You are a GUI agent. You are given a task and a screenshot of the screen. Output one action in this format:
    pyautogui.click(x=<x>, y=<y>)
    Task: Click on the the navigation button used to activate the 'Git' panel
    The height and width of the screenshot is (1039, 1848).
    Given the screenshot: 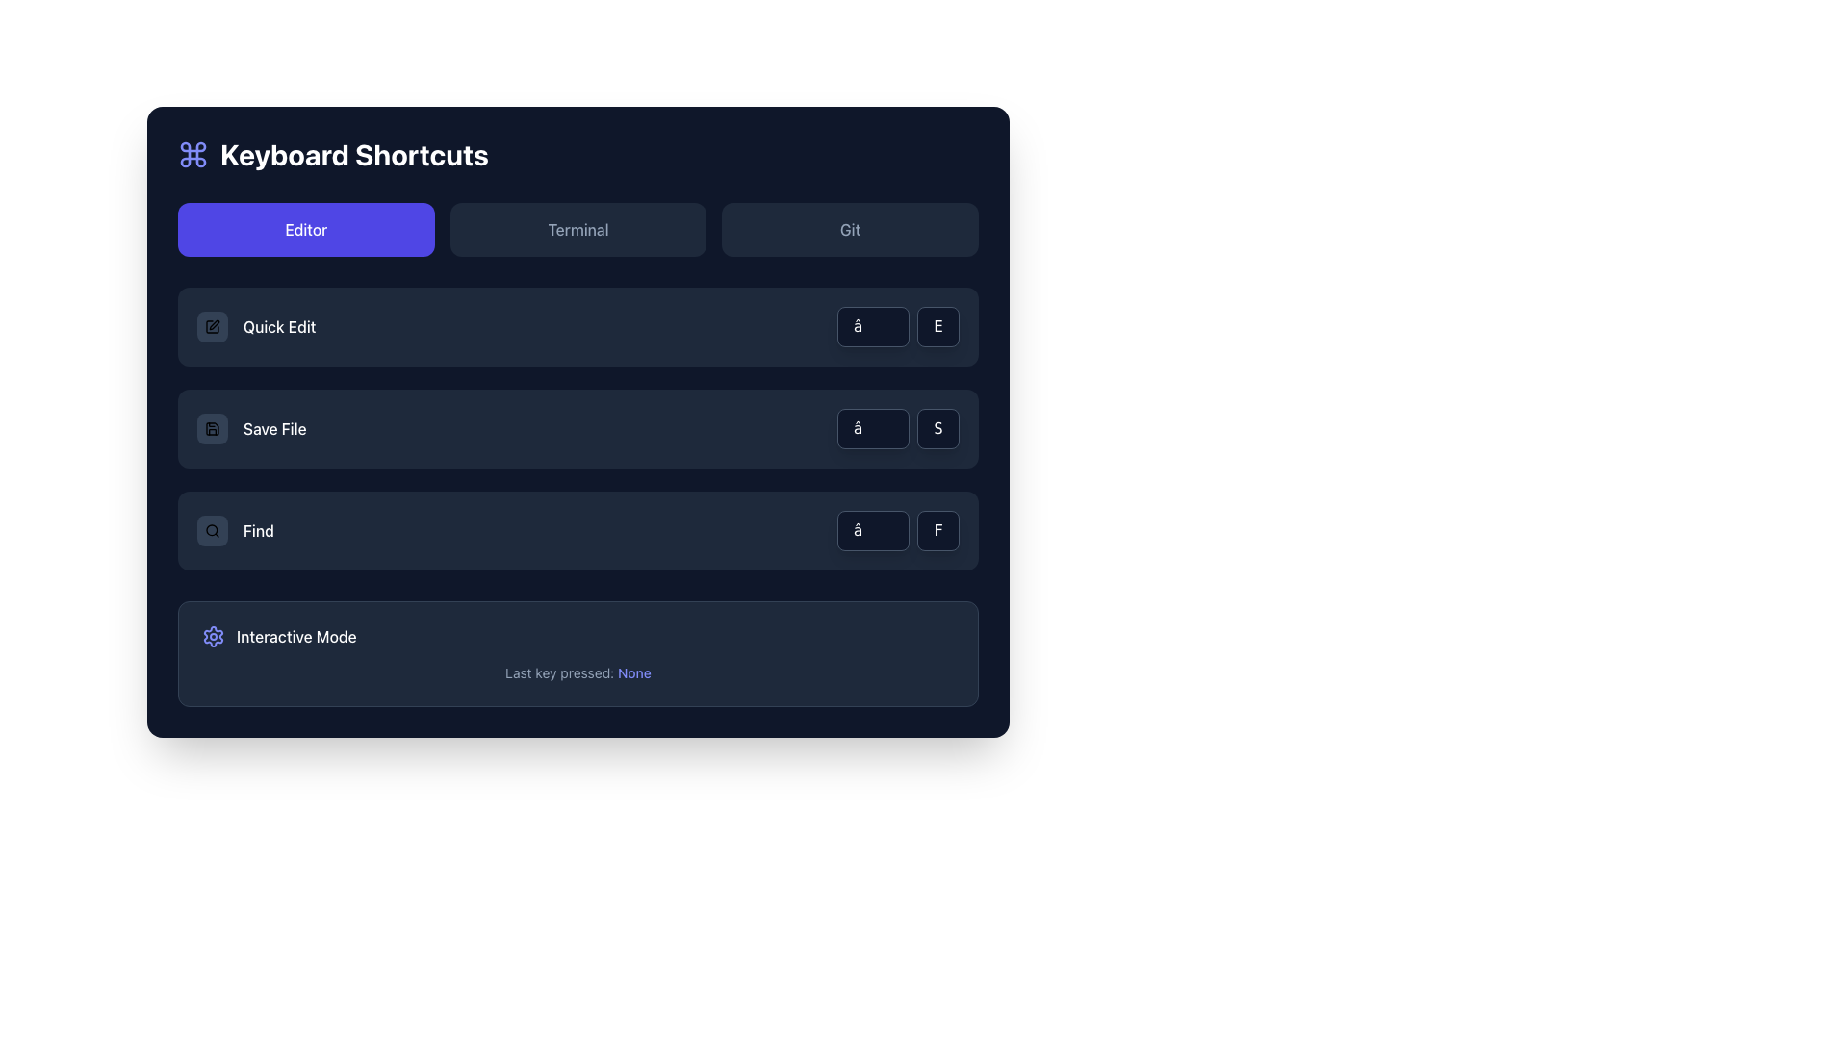 What is the action you would take?
    pyautogui.click(x=849, y=229)
    